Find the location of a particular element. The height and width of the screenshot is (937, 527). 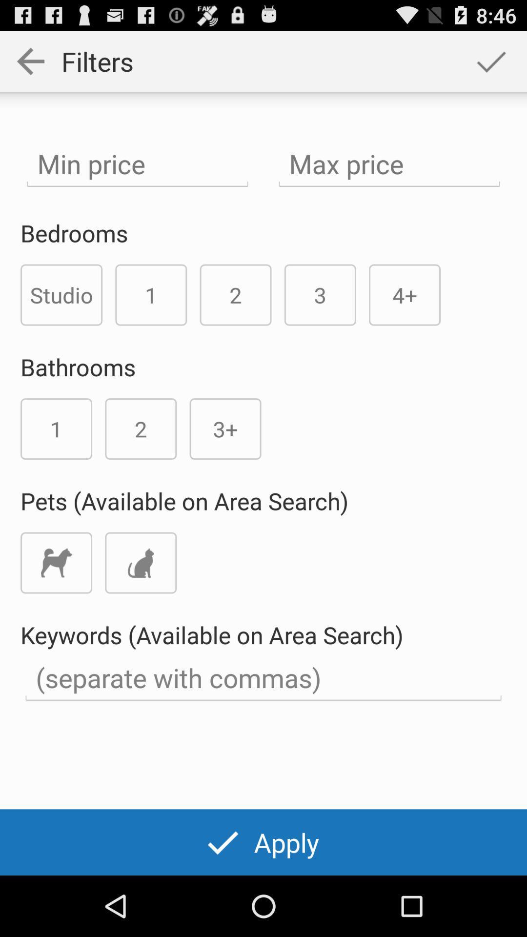

number 2 below bathrooms is located at coordinates (141, 428).